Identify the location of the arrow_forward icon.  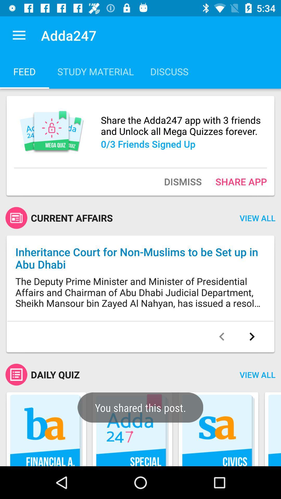
(252, 337).